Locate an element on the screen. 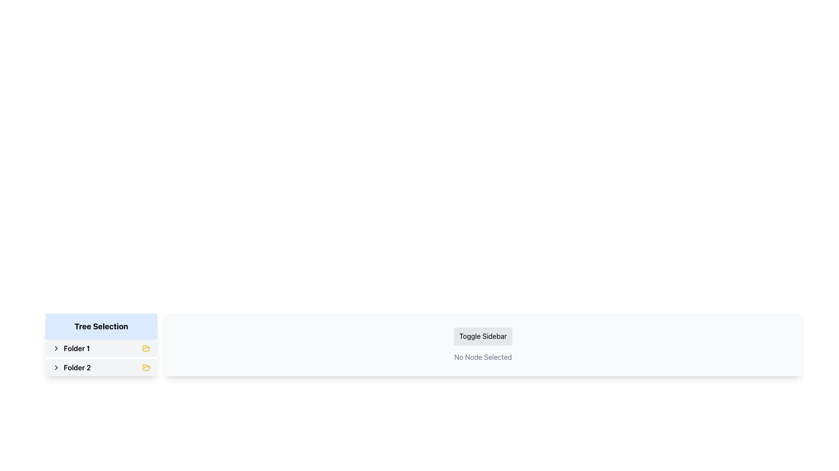 This screenshot has height=471, width=839. the open folder icon with a yellow outline located at the right end of the 'Folder 2' entry in the Tree Selection list is located at coordinates (146, 368).